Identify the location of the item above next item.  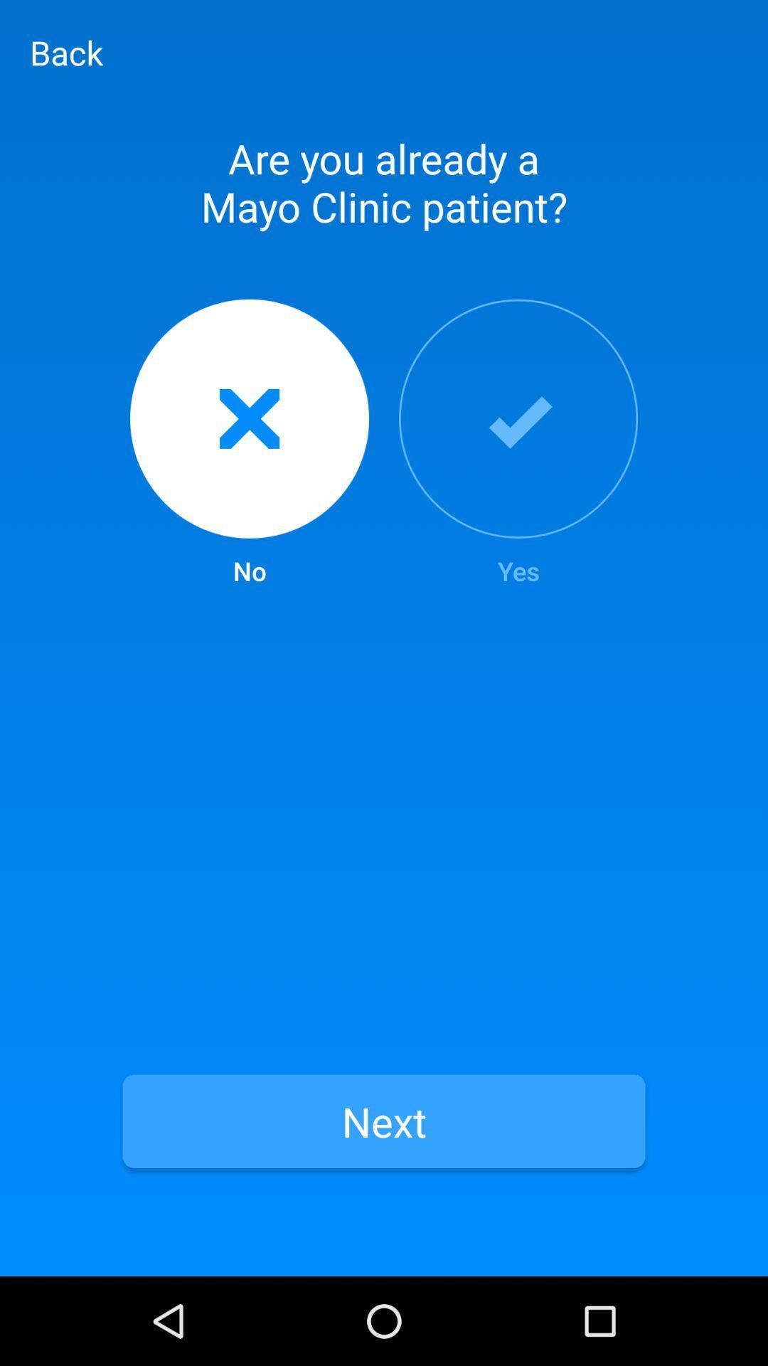
(518, 443).